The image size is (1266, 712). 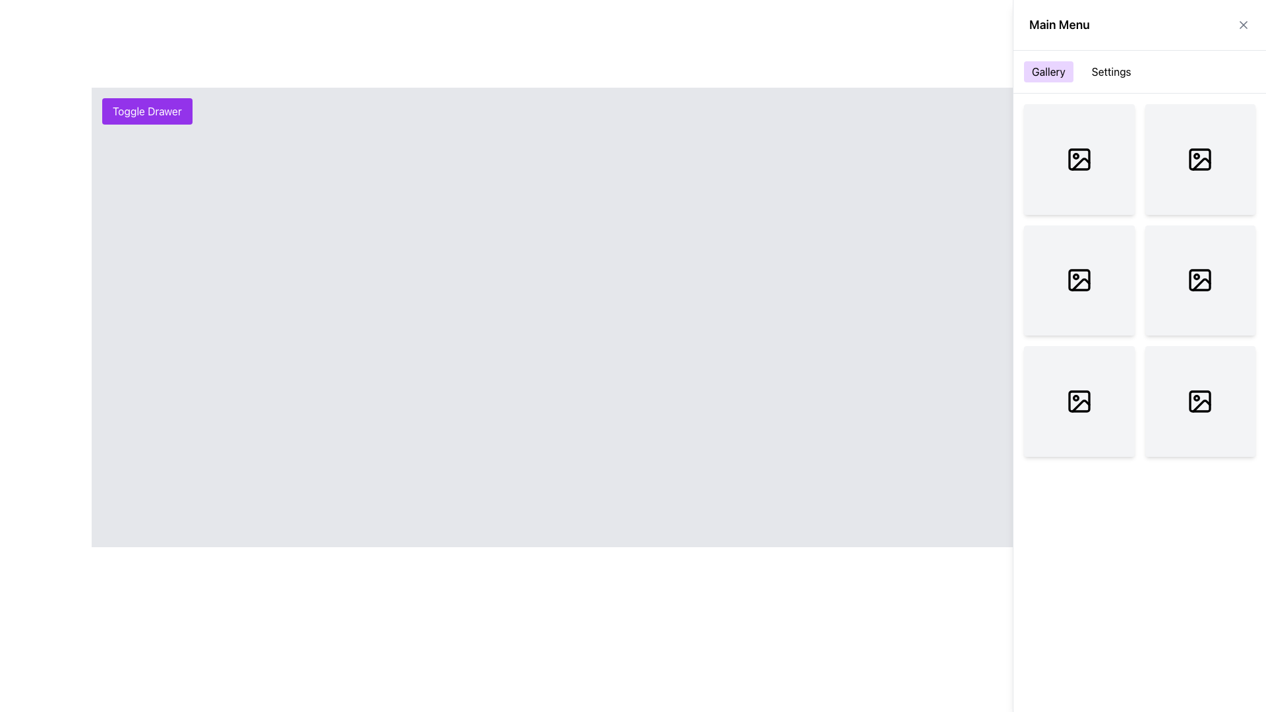 What do you see at coordinates (147, 111) in the screenshot?
I see `the top-left button` at bounding box center [147, 111].